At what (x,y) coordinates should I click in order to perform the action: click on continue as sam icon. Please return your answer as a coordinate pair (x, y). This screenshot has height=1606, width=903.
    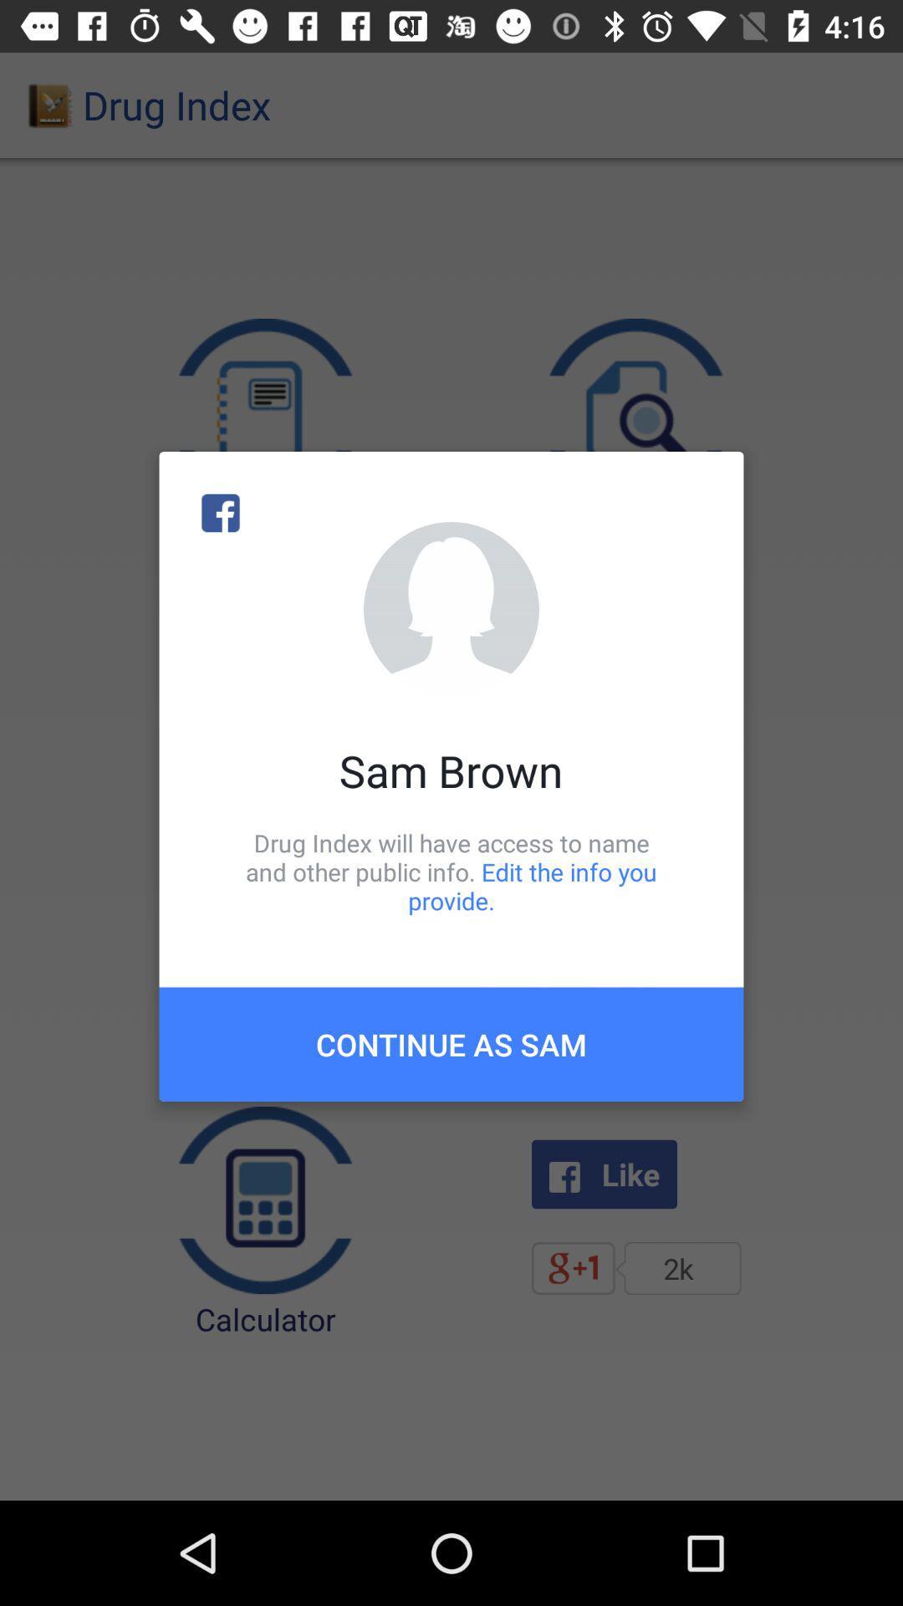
    Looking at the image, I should click on (451, 1043).